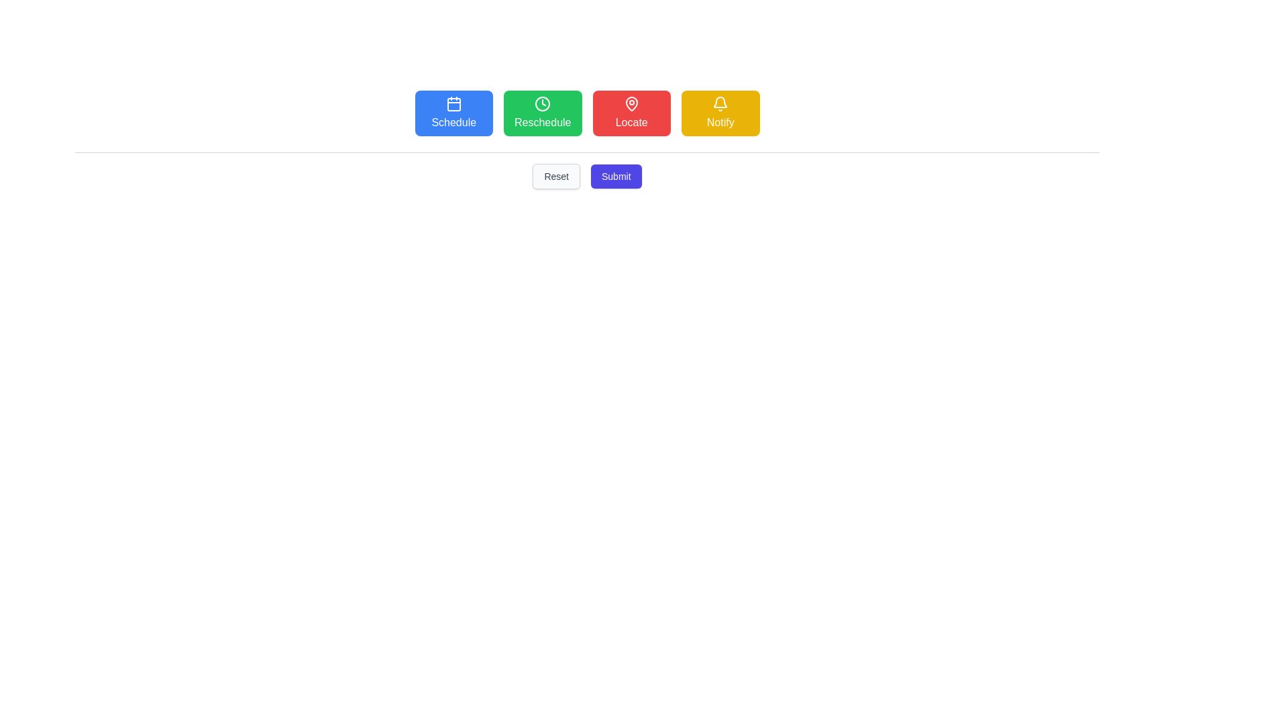  I want to click on text label inside the blue button located at the top-left of the button row, which conveys the action associated with scheduling an item or event, so click(453, 122).